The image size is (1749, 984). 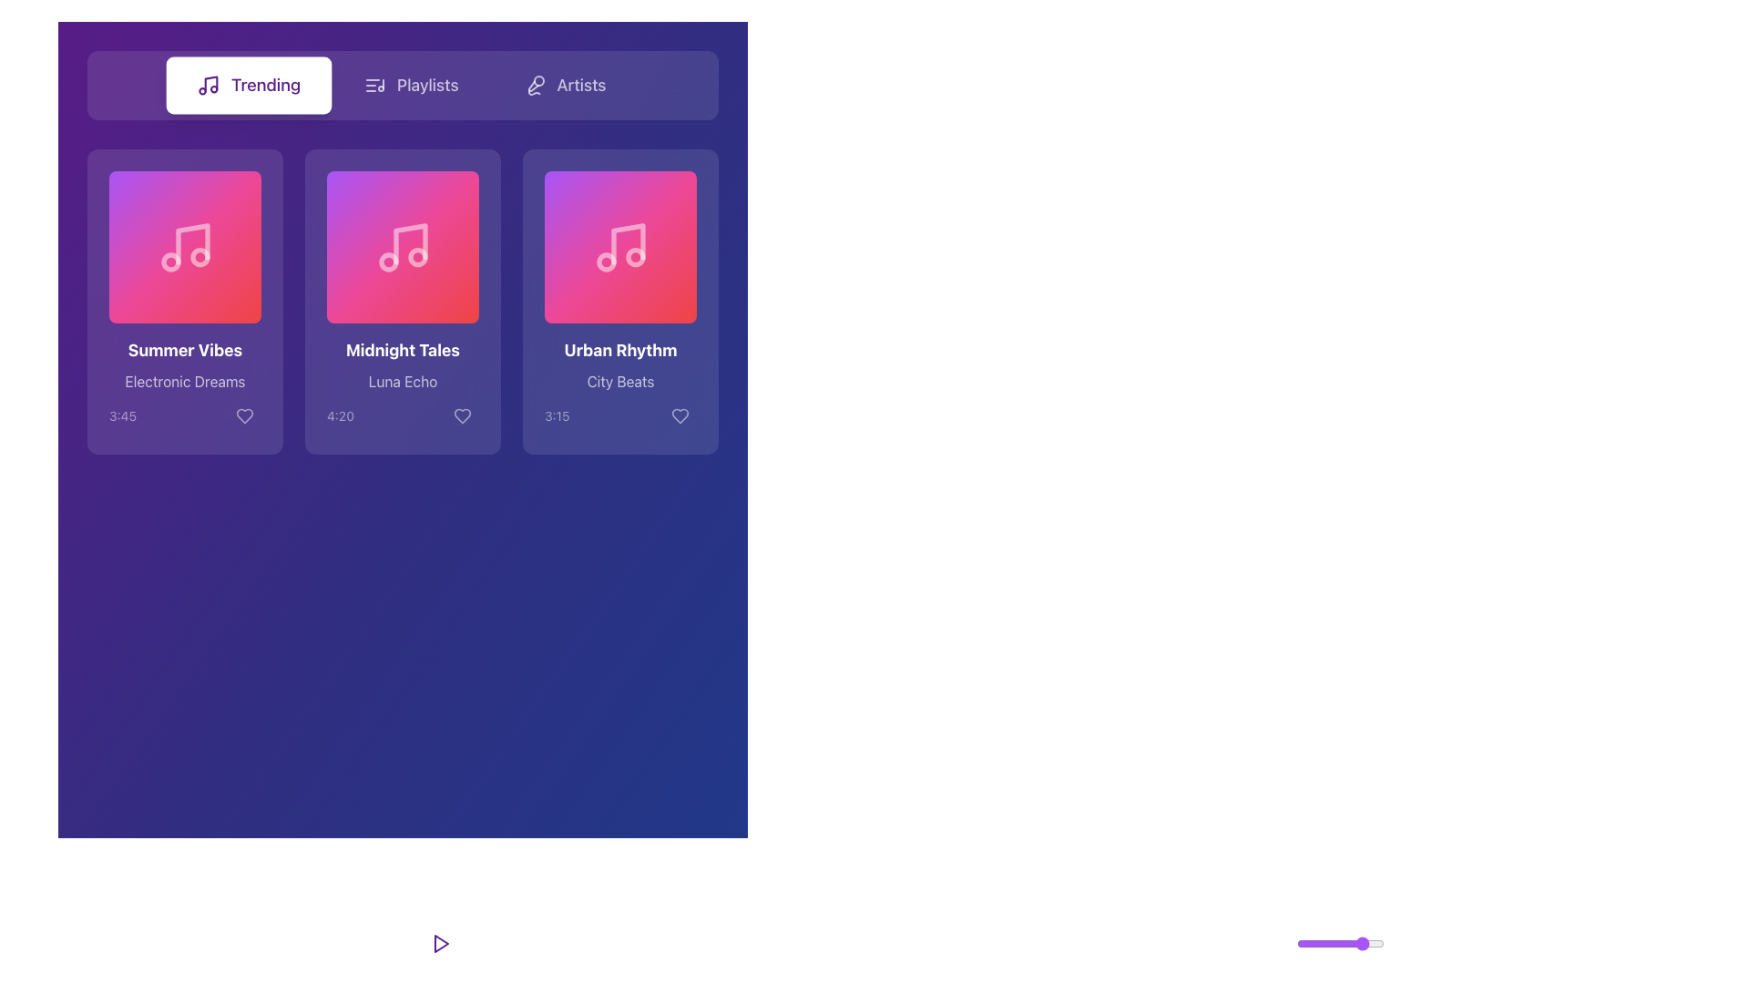 What do you see at coordinates (1343, 943) in the screenshot?
I see `the slider` at bounding box center [1343, 943].